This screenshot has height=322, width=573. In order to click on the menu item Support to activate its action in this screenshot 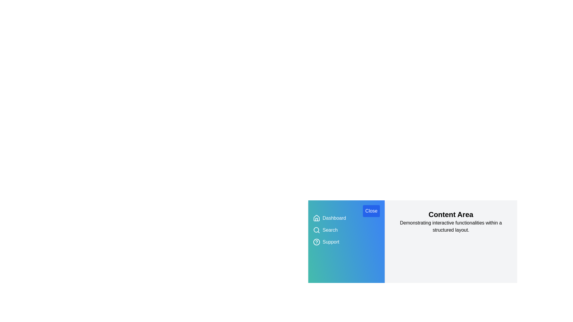, I will do `click(330, 242)`.